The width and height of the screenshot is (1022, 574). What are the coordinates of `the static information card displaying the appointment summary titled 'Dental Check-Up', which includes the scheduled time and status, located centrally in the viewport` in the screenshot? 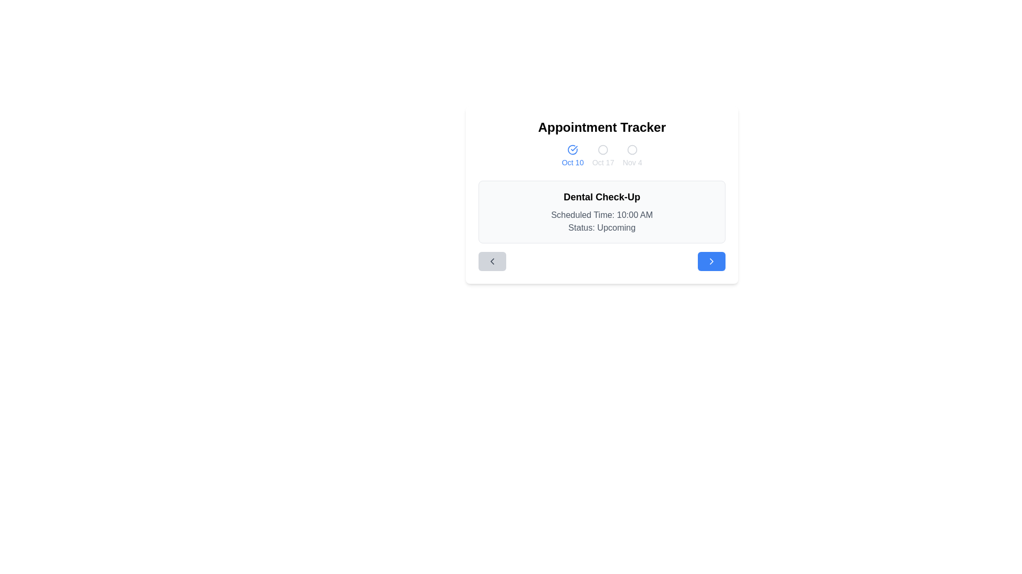 It's located at (602, 212).